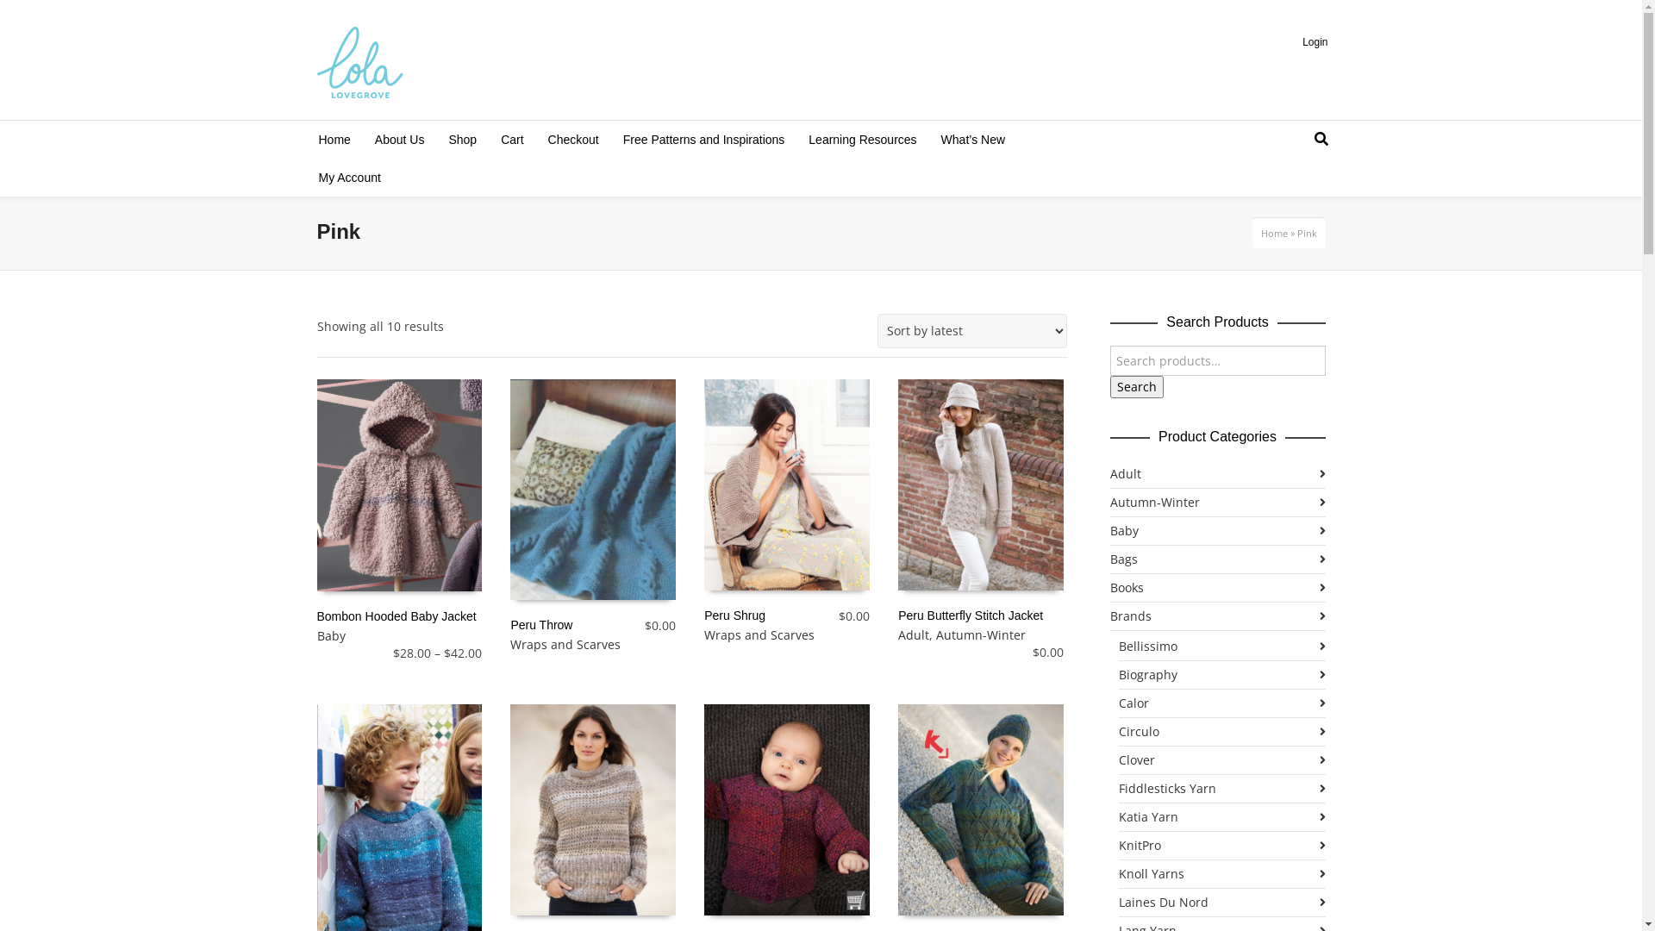 The width and height of the screenshot is (1655, 931). Describe the element at coordinates (1273, 233) in the screenshot. I see `'Home'` at that location.